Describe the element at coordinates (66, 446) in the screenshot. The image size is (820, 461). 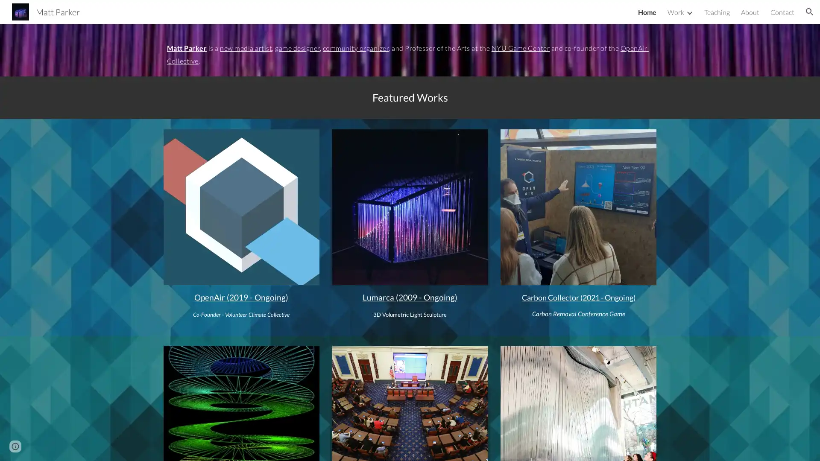
I see `Google Sites` at that location.